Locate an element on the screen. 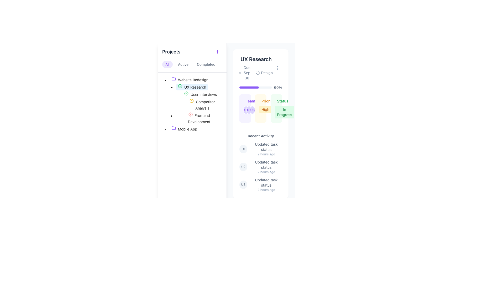  contents of the Activity Log Entry indicating user 'U3' updated a task's status two hours ago, located in the Recent Activity section of the UX Research panel is located at coordinates (261, 184).